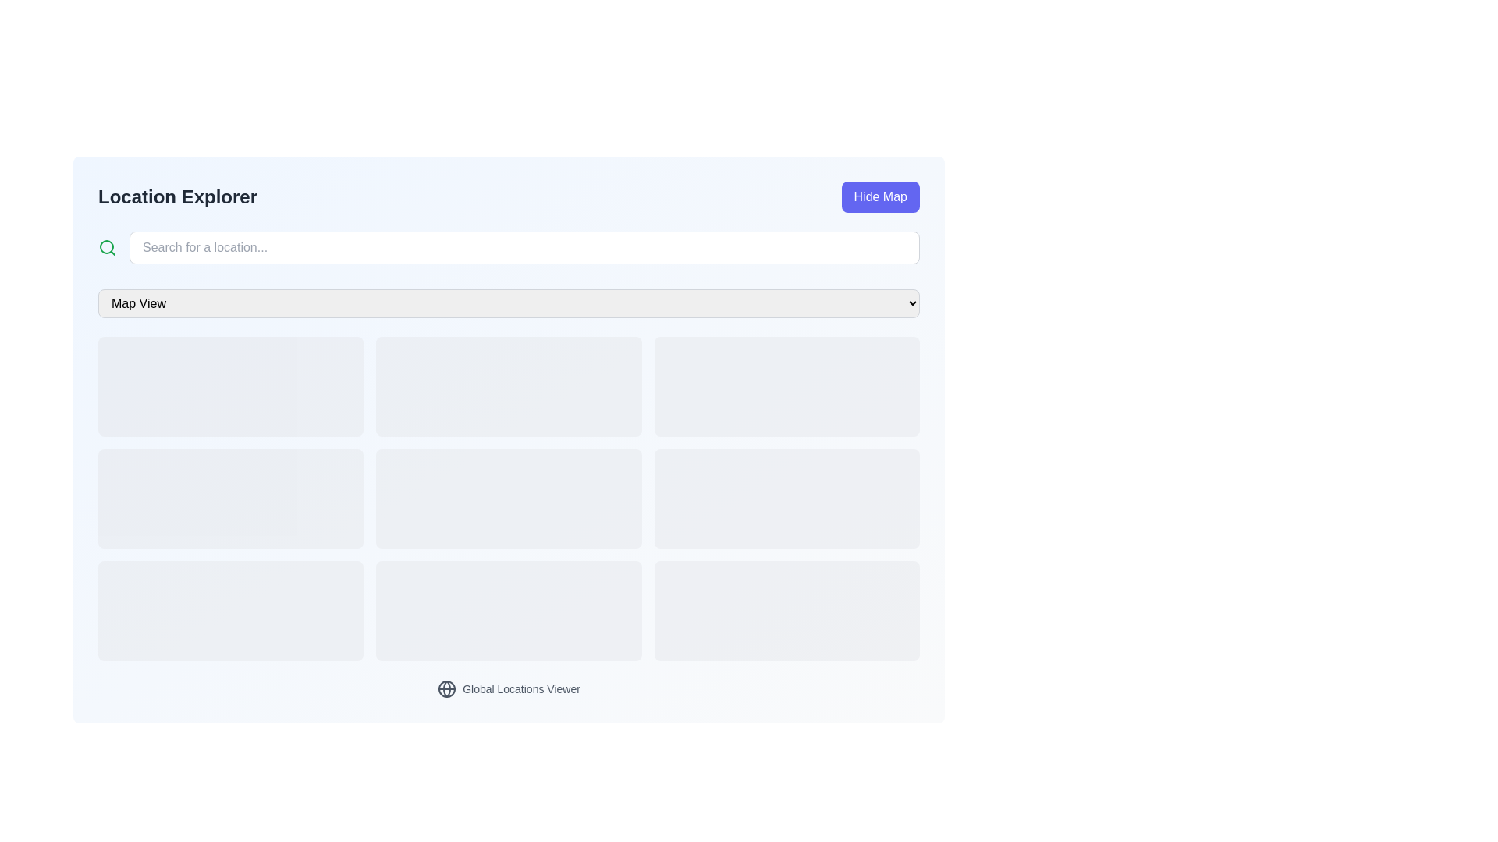 This screenshot has width=1498, height=842. I want to click on the Placeholder block, which is the second block in the first row of a grid layout, representing loading or unavailable content, so click(509, 386).